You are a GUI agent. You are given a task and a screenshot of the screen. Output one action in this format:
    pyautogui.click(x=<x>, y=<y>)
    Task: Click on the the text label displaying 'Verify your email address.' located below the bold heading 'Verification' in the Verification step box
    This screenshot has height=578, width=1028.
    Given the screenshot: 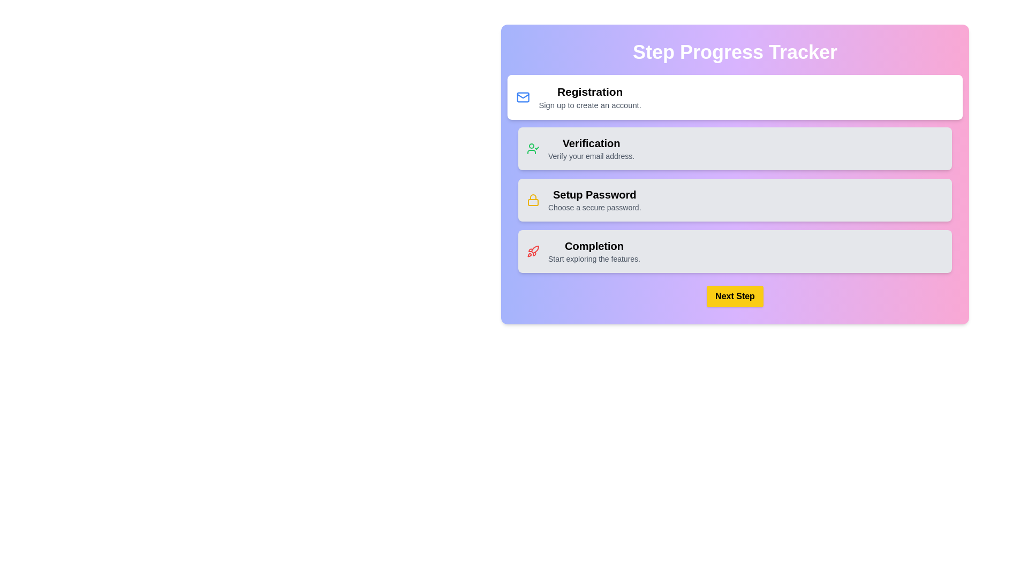 What is the action you would take?
    pyautogui.click(x=591, y=156)
    